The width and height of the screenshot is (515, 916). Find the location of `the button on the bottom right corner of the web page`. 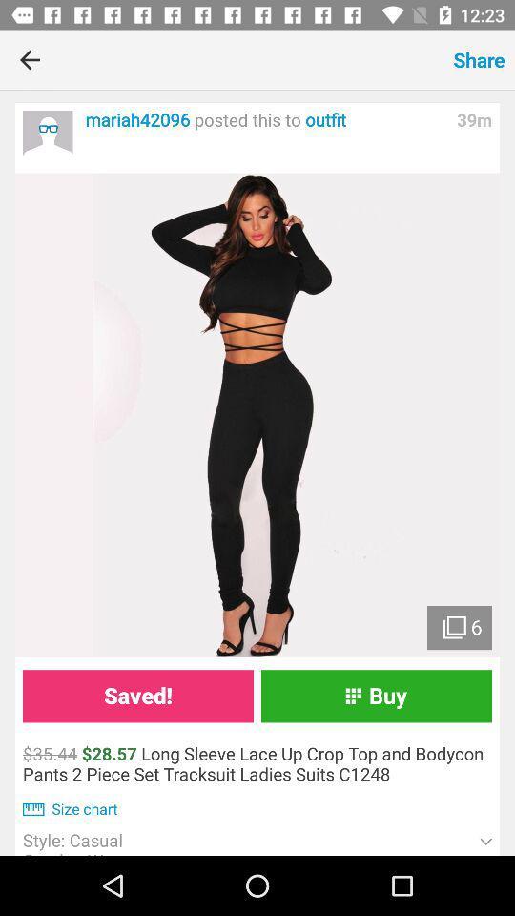

the button on the bottom right corner of the web page is located at coordinates (485, 841).